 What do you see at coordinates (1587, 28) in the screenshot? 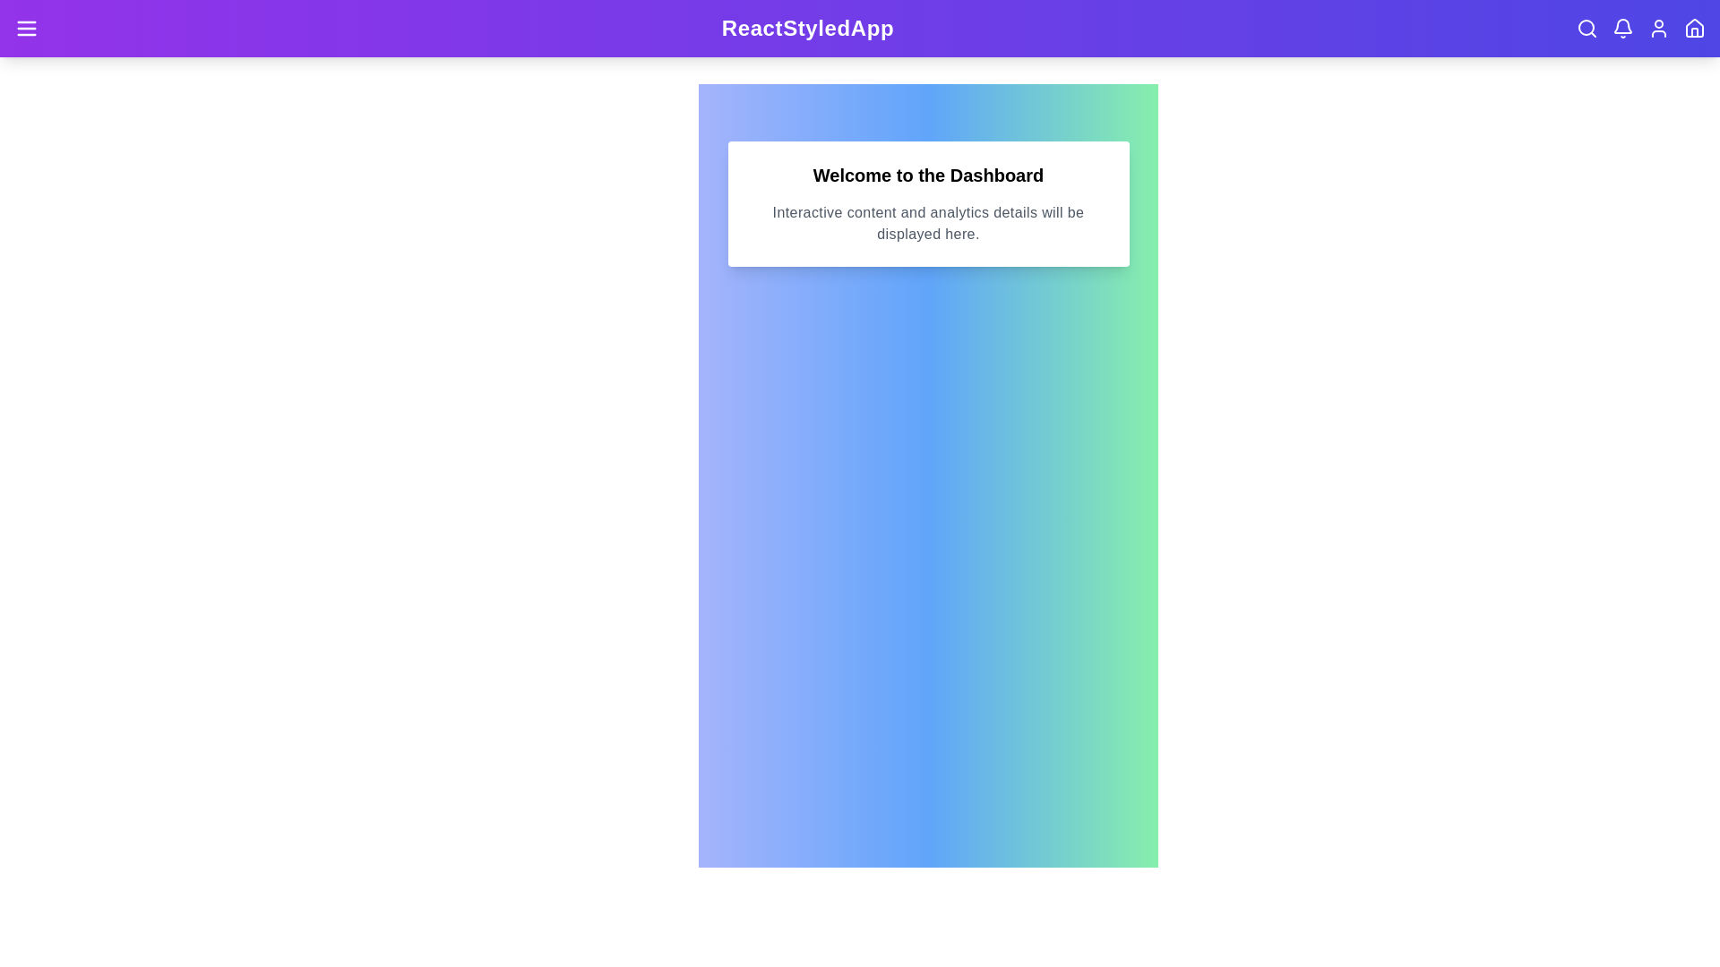
I see `the Search navigation icon to navigate` at bounding box center [1587, 28].